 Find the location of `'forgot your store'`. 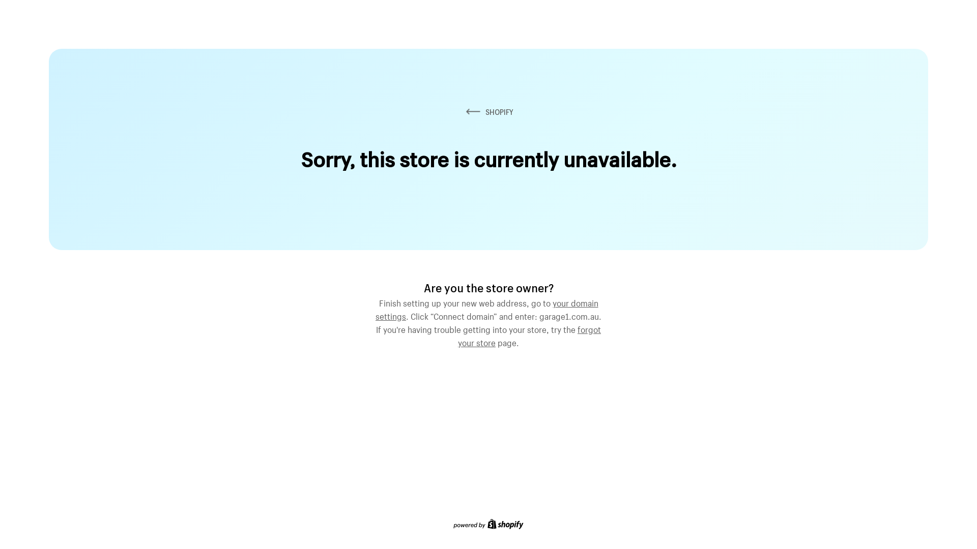

'forgot your store' is located at coordinates (529, 335).